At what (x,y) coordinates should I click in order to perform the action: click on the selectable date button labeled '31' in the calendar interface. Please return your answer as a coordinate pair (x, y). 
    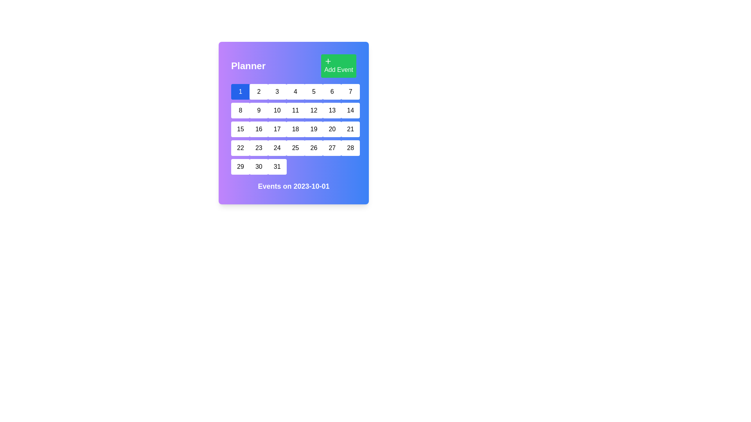
    Looking at the image, I should click on (277, 166).